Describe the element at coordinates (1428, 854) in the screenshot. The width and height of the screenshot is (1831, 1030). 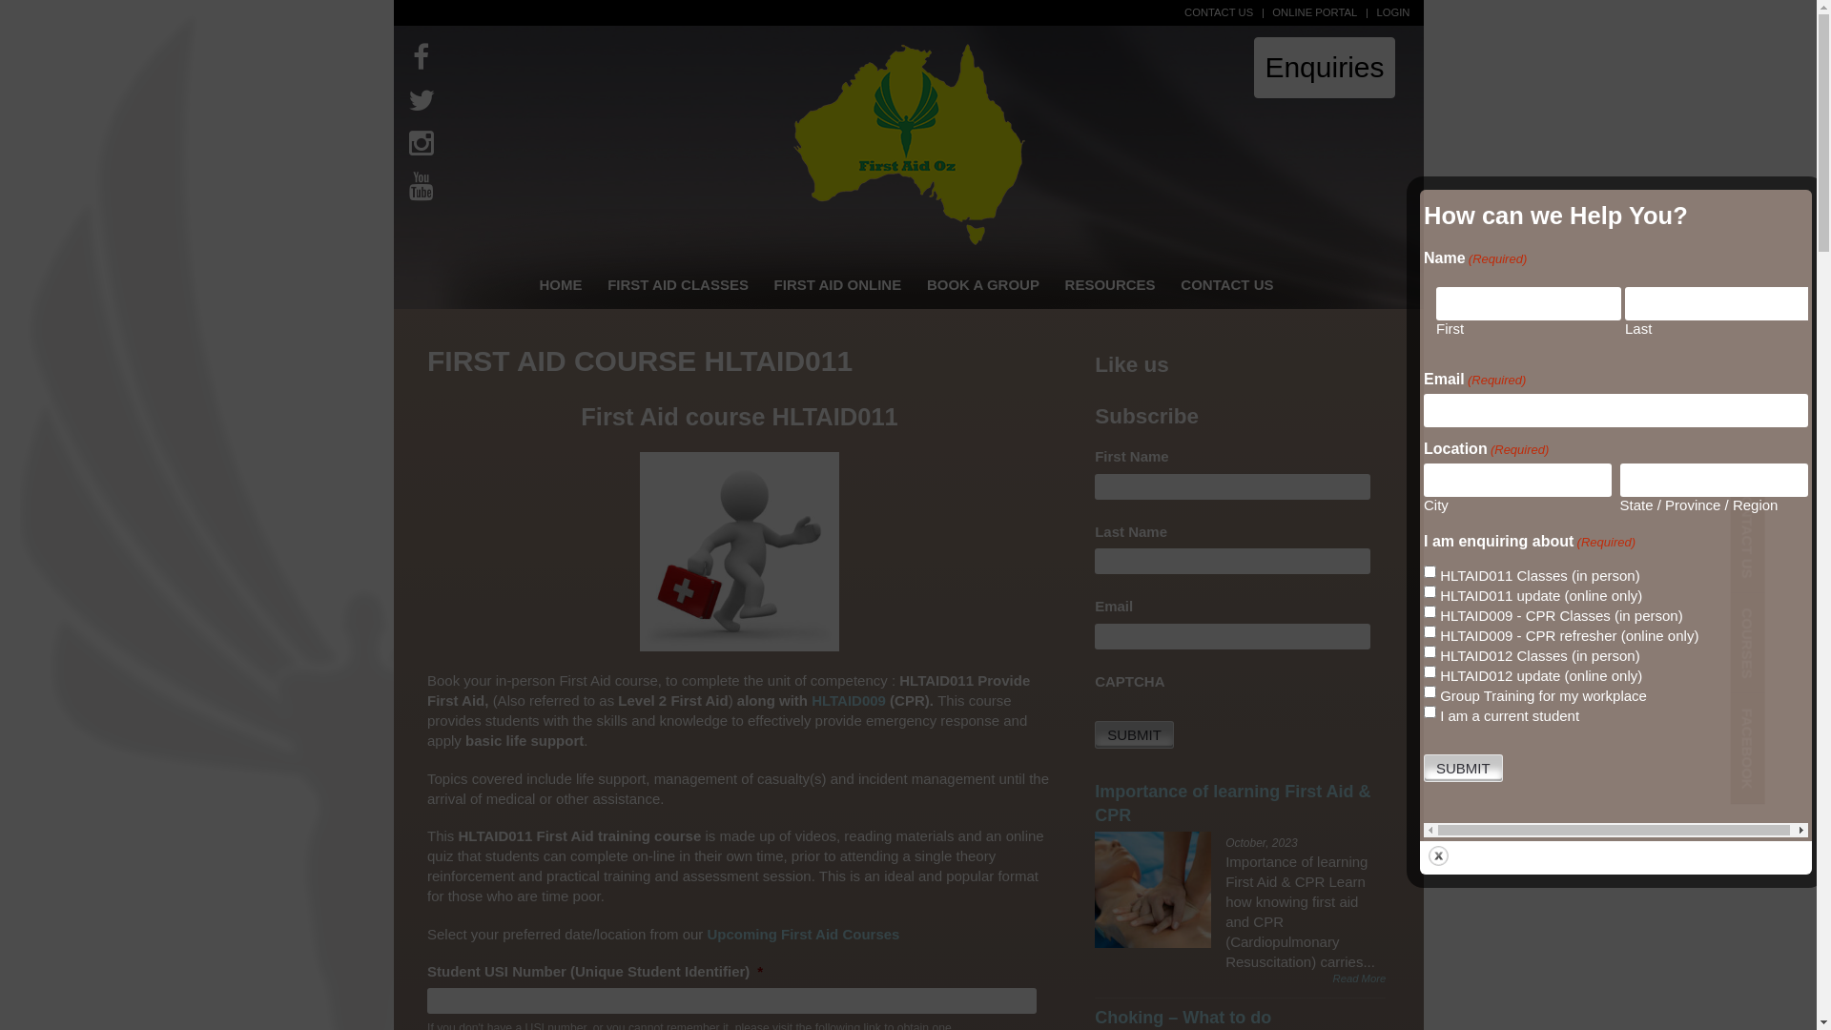
I see `'Close'` at that location.